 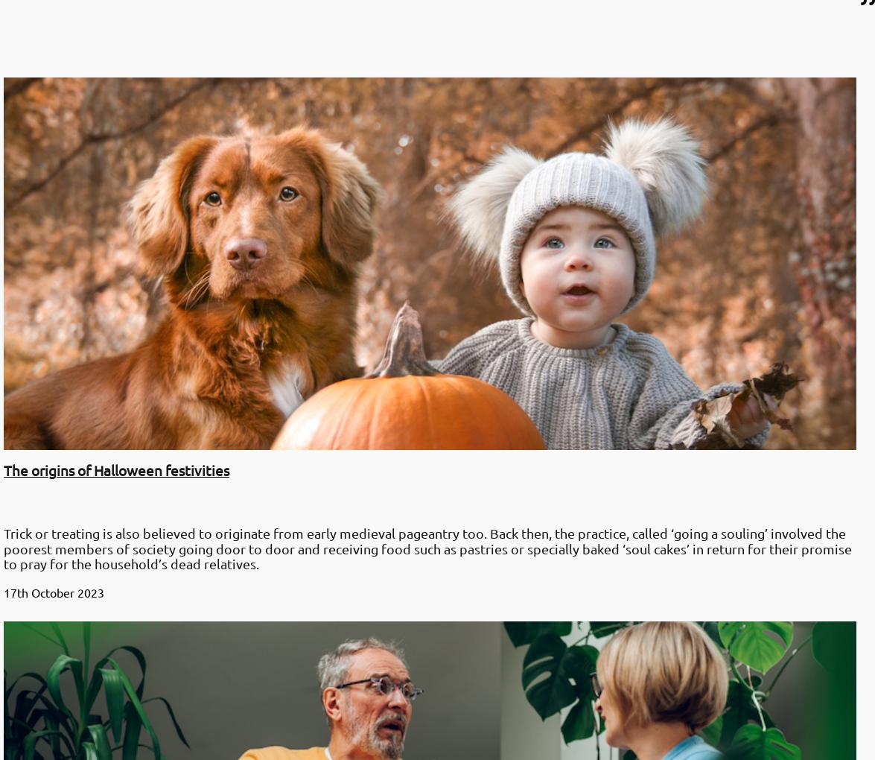 What do you see at coordinates (11, 611) in the screenshot?
I see `'Top Floor, Raven House, 29 Linkfield Lane'` at bounding box center [11, 611].